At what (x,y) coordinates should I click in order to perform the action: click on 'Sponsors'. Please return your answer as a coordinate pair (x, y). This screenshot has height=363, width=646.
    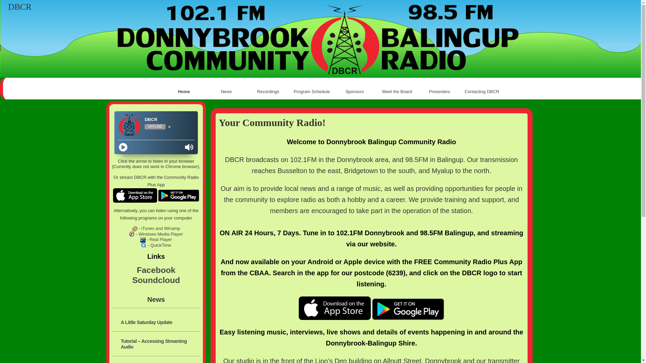
    Looking at the image, I should click on (354, 92).